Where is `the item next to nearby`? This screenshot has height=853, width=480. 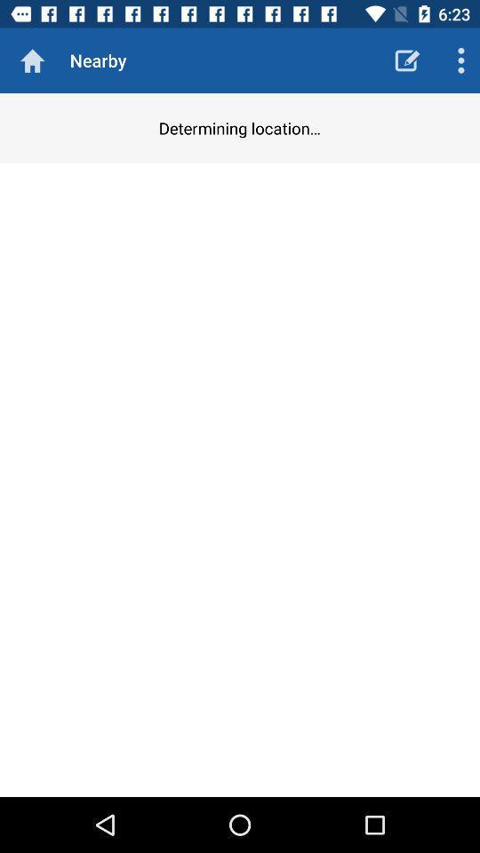 the item next to nearby is located at coordinates (407, 60).